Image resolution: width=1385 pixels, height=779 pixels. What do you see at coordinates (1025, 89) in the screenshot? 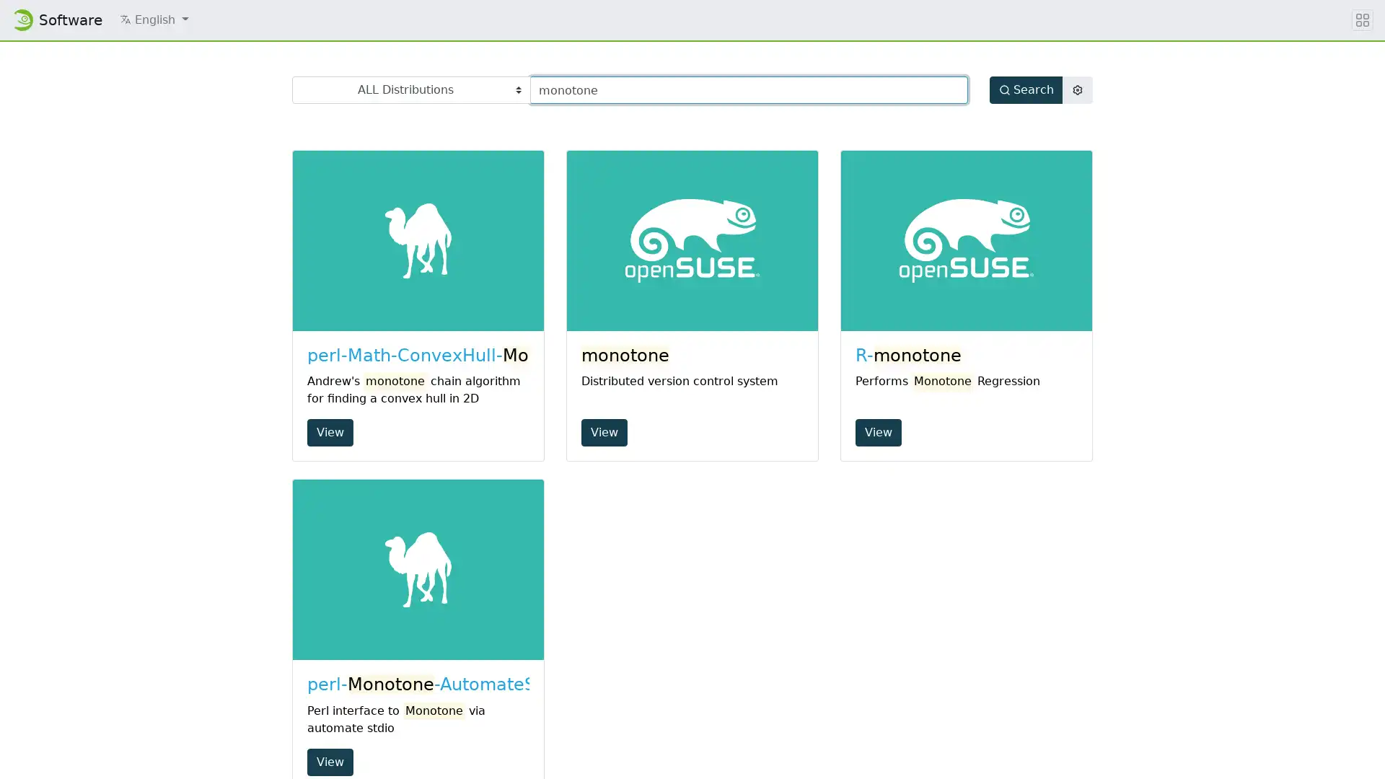
I see `Search` at bounding box center [1025, 89].